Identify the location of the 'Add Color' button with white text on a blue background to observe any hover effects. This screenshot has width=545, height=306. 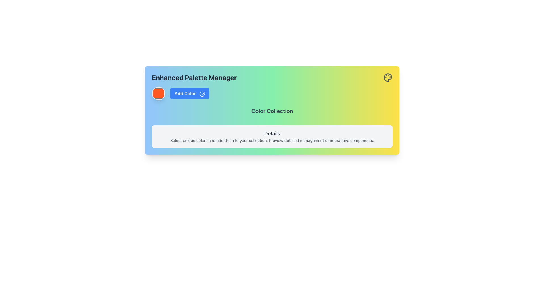
(190, 93).